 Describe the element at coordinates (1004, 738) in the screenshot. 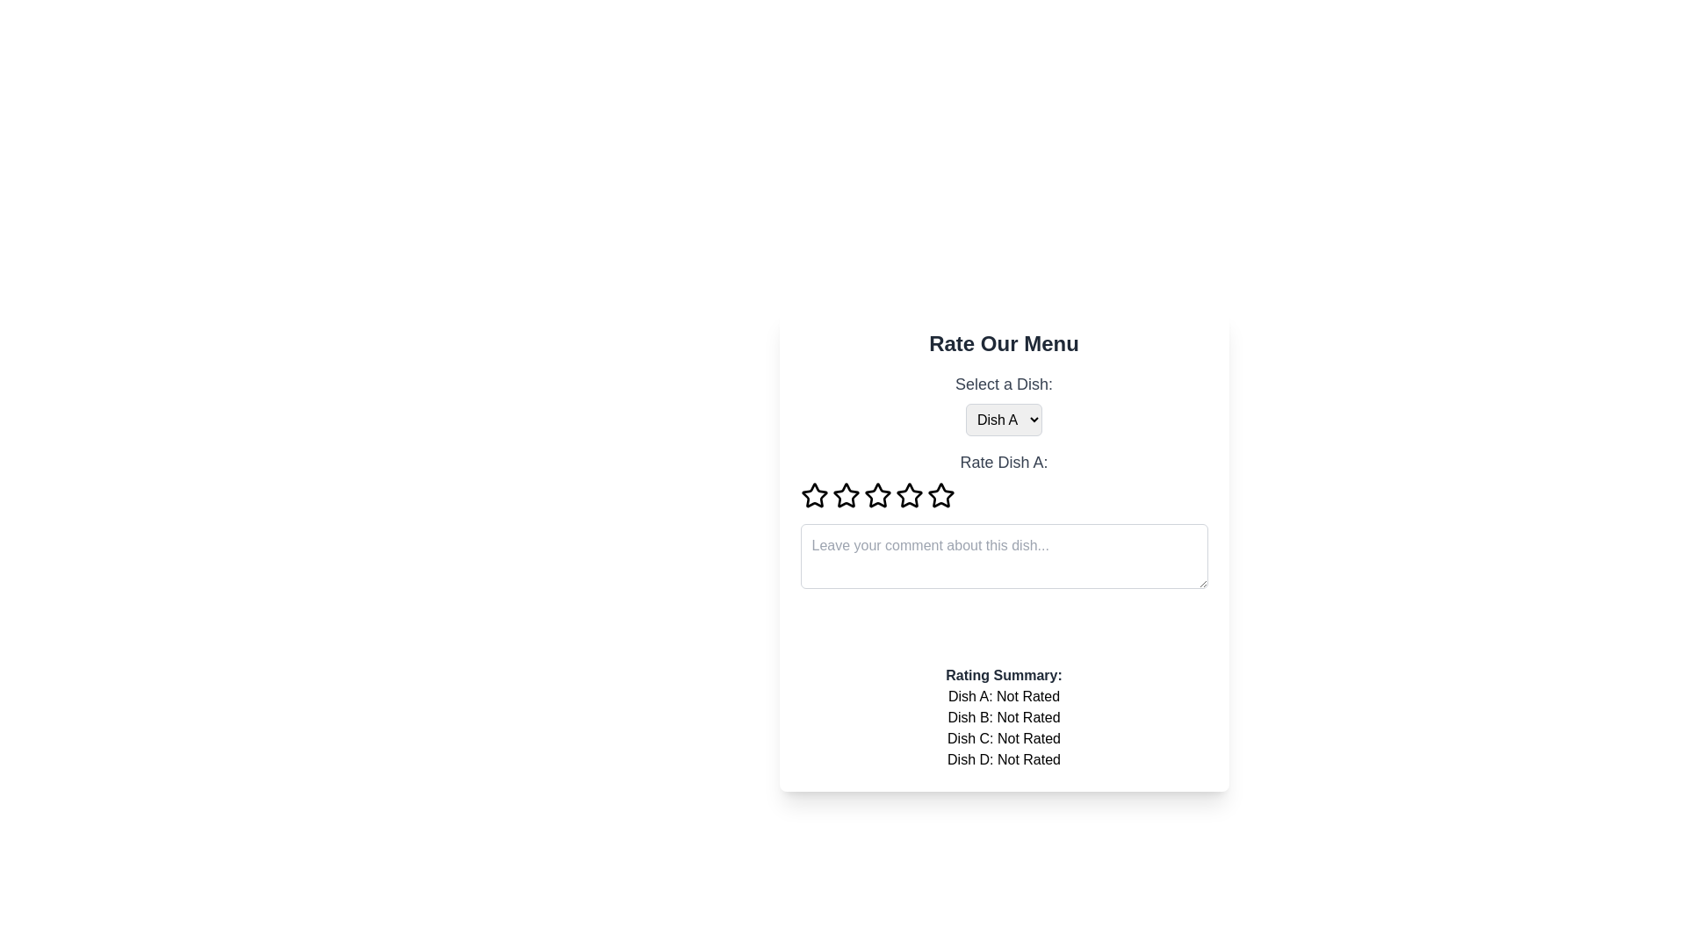

I see `the text label indicating the current rating status of 'Dish C', which is positioned between 'Dish B: Not Rated' and 'Dish D: Not Rated' in the 'Rating Summary:' section` at that location.